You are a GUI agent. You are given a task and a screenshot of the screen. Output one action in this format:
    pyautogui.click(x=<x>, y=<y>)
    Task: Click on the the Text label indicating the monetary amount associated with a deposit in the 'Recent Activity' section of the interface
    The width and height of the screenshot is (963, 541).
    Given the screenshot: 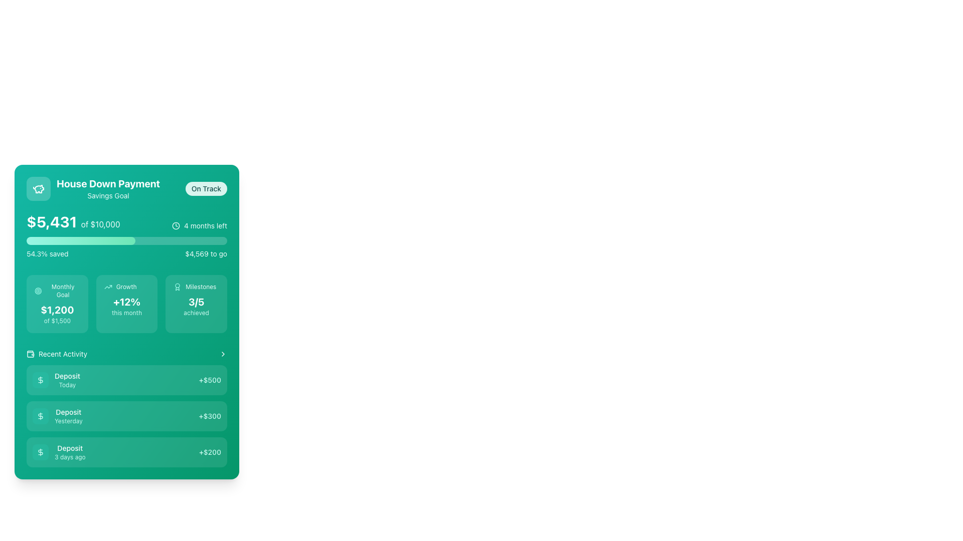 What is the action you would take?
    pyautogui.click(x=209, y=452)
    